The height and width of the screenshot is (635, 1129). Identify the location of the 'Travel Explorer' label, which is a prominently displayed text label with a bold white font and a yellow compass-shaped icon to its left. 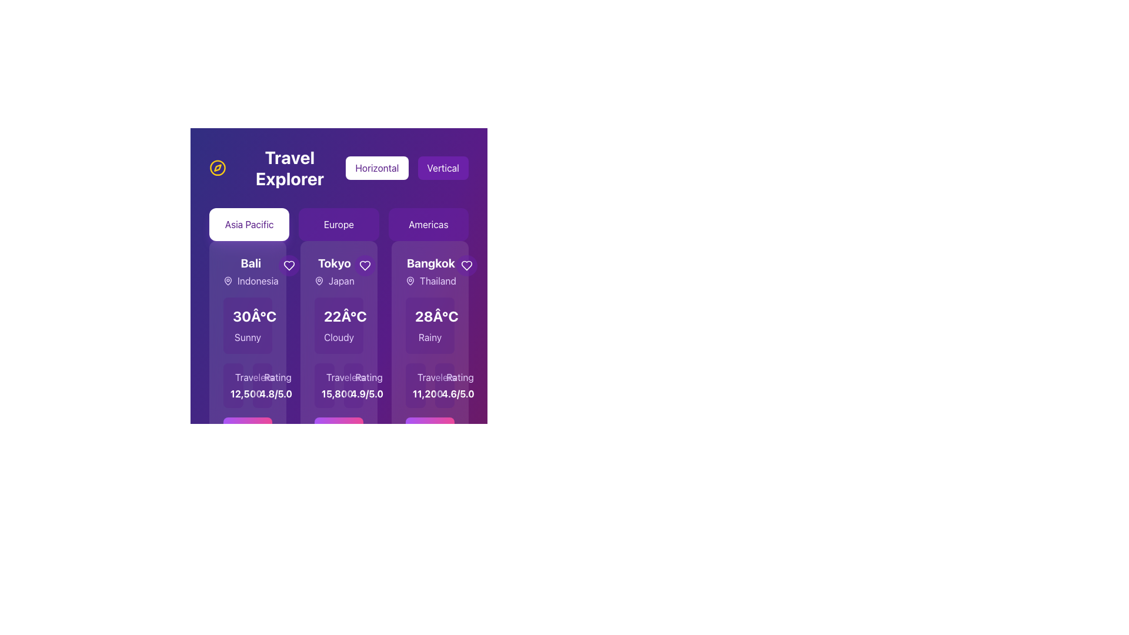
(277, 168).